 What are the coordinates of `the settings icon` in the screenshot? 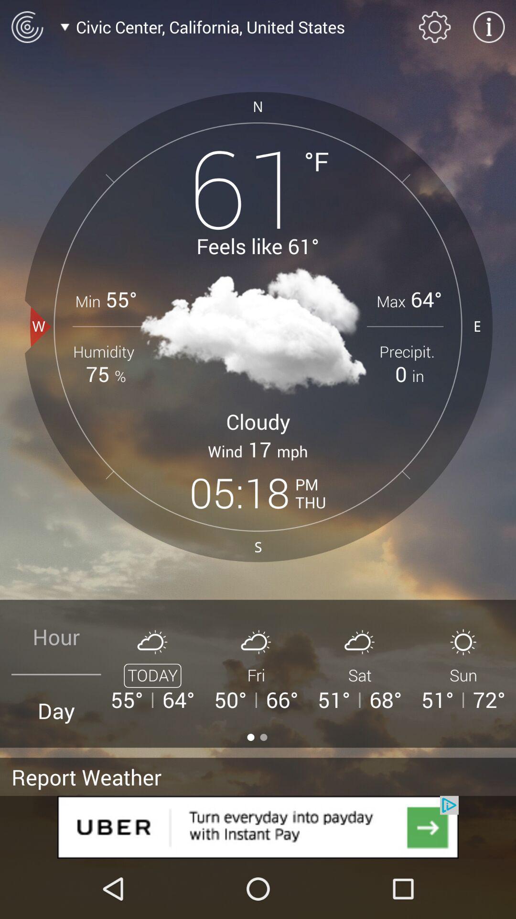 It's located at (435, 27).